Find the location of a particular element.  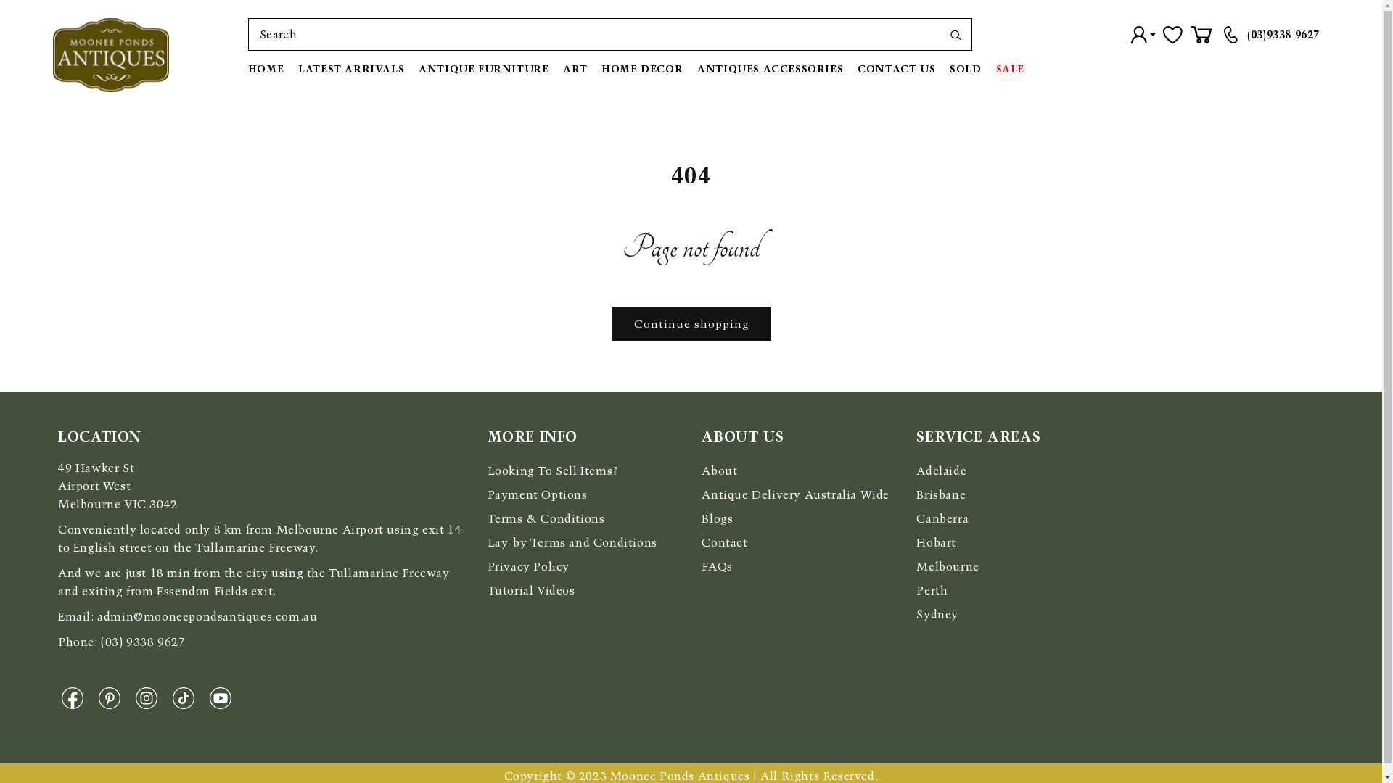

'Cart' is located at coordinates (1201, 33).